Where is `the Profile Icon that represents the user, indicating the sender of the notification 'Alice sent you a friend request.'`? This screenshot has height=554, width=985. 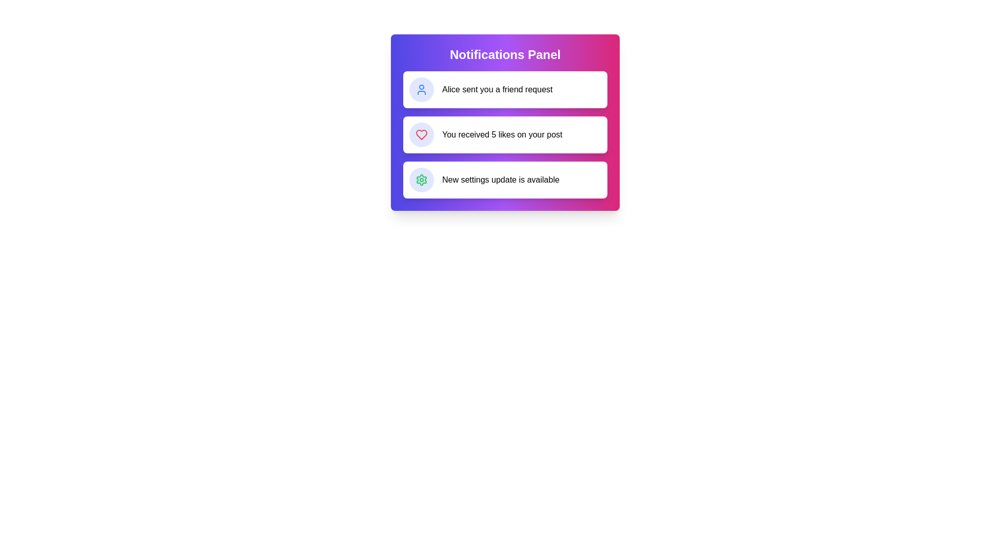
the Profile Icon that represents the user, indicating the sender of the notification 'Alice sent you a friend request.' is located at coordinates (421, 89).